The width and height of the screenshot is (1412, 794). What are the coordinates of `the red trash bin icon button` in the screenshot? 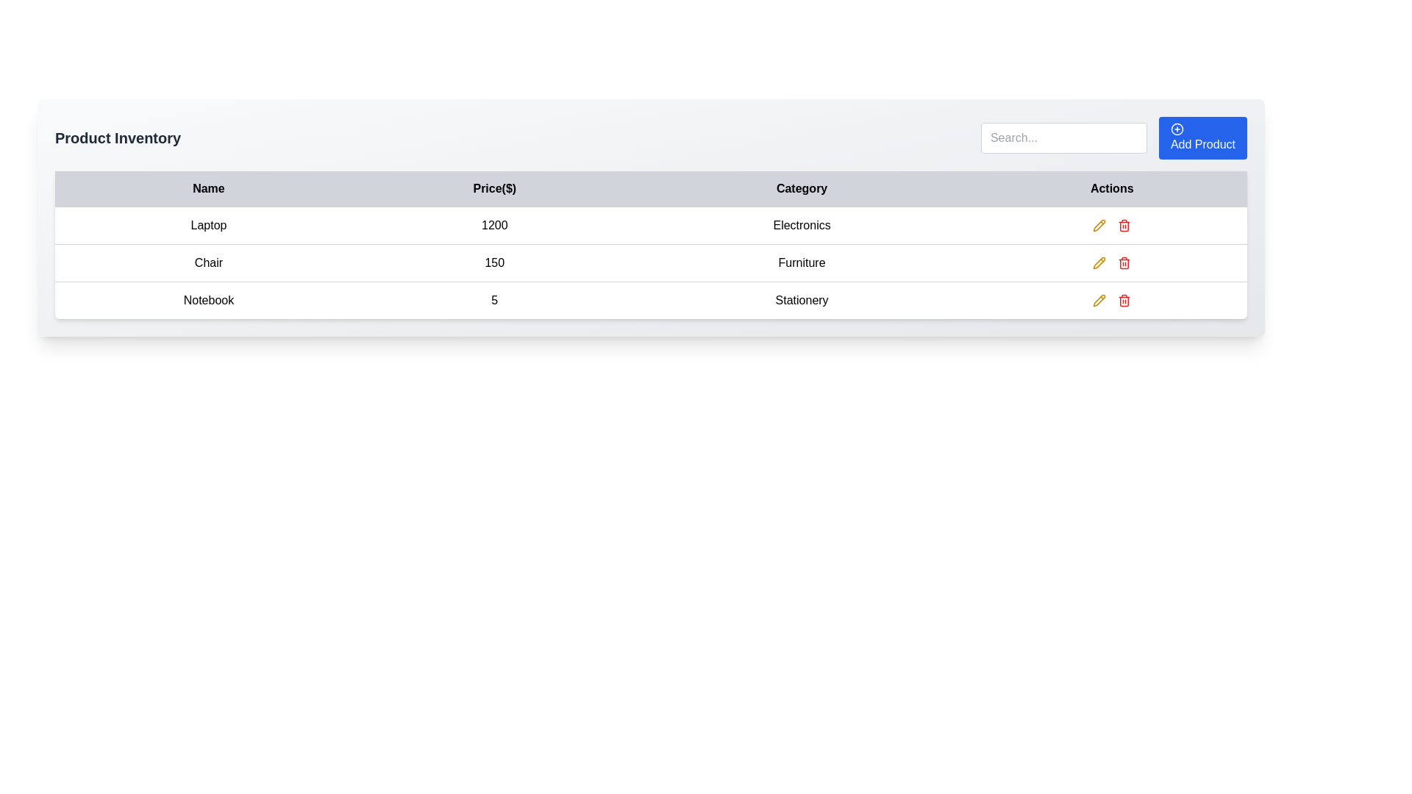 It's located at (1124, 262).